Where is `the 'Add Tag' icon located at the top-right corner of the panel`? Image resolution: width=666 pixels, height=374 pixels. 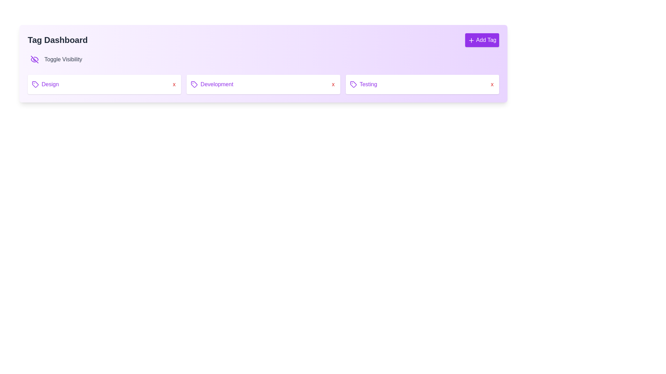 the 'Add Tag' icon located at the top-right corner of the panel is located at coordinates (471, 40).